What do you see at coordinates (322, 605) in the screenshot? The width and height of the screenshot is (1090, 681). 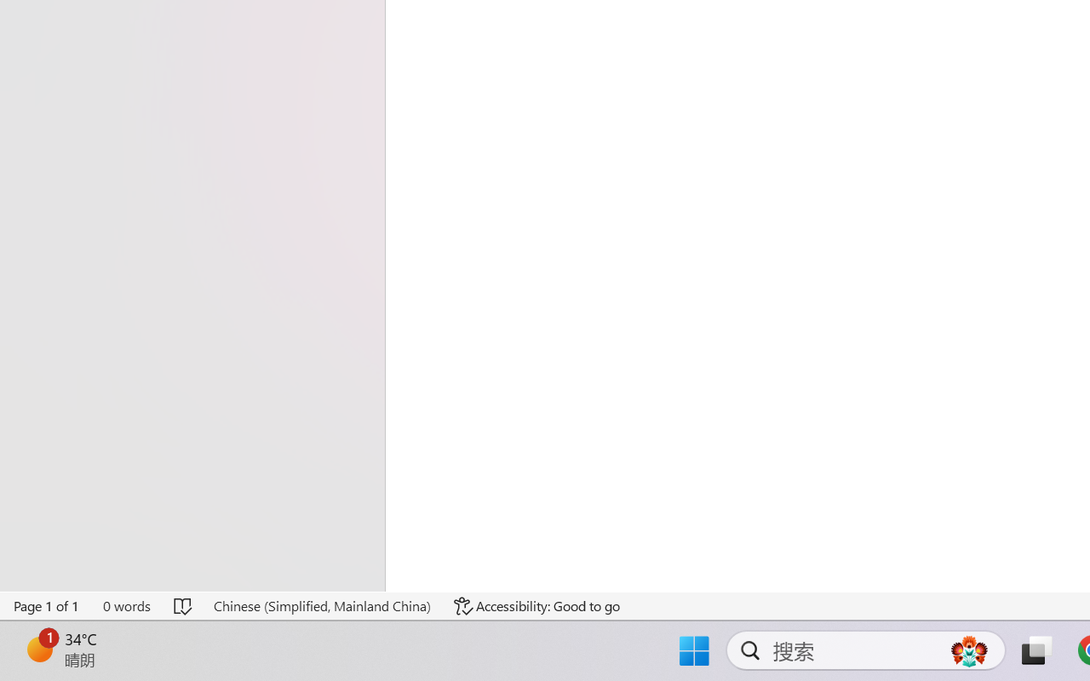 I see `'Language Chinese (Simplified, Mainland China)'` at bounding box center [322, 605].